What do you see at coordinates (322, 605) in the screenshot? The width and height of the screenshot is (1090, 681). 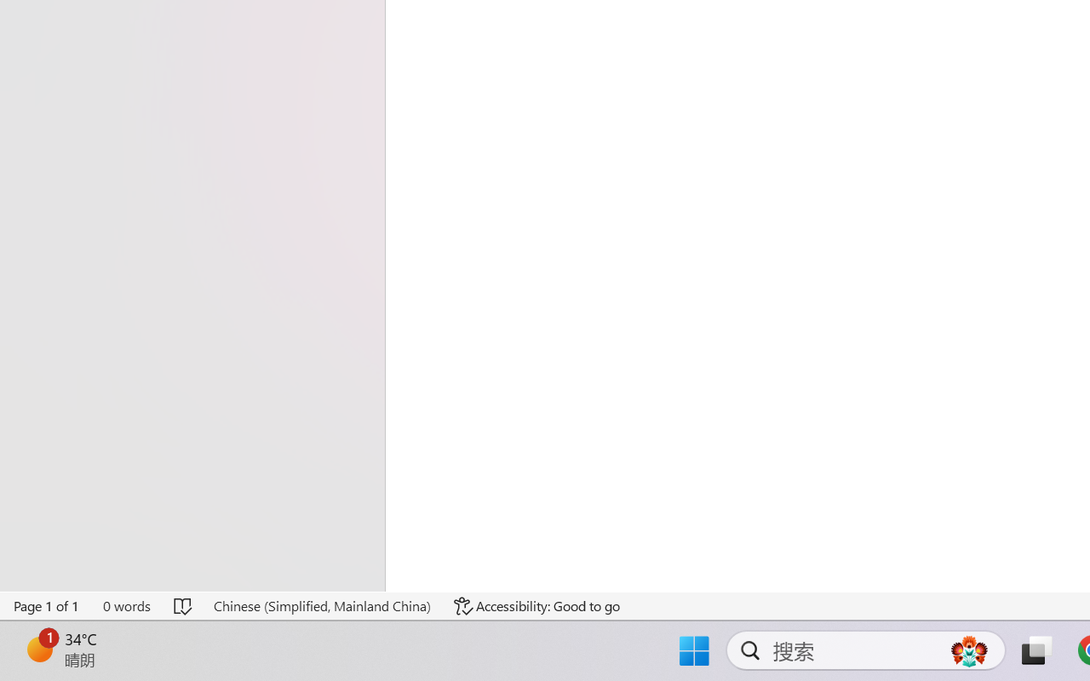 I see `'Language Chinese (Simplified, Mainland China)'` at bounding box center [322, 605].